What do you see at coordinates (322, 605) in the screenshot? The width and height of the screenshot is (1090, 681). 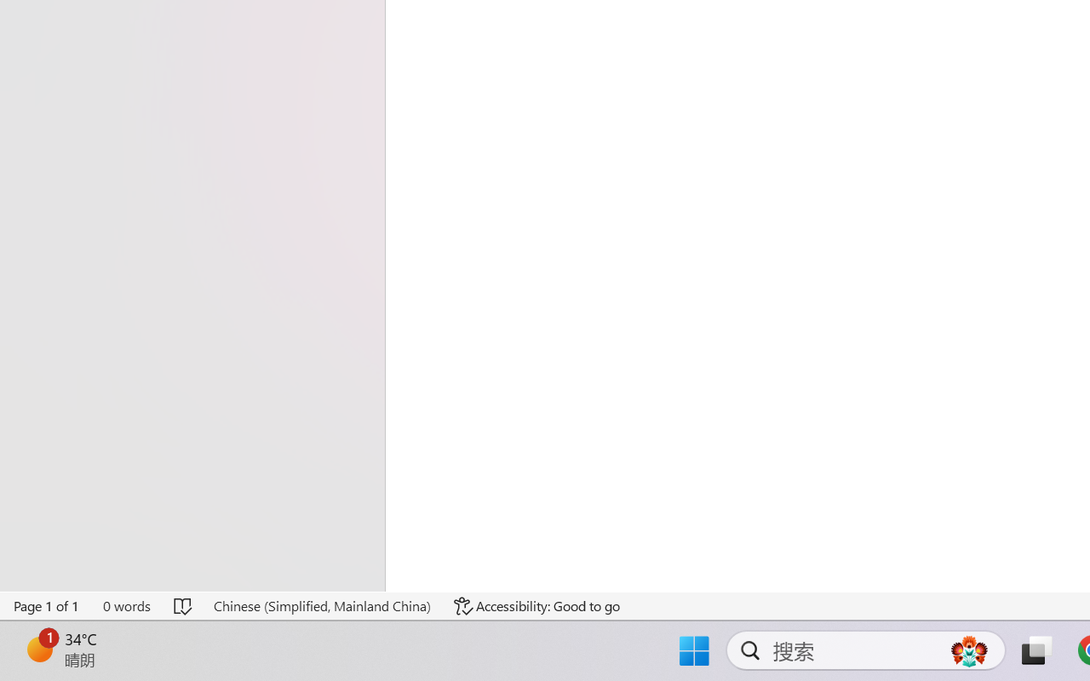 I see `'Language Chinese (Simplified, Mainland China)'` at bounding box center [322, 605].